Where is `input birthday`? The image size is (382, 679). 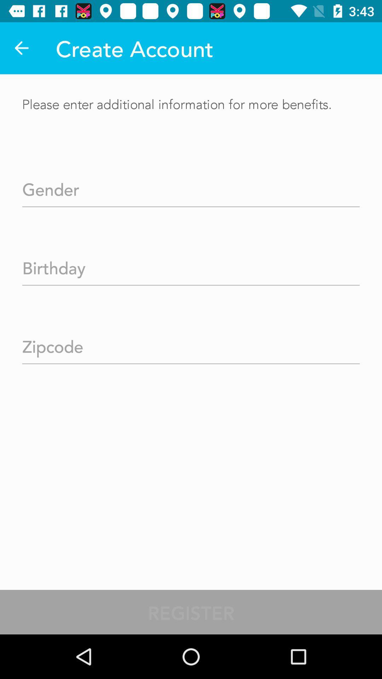 input birthday is located at coordinates (191, 265).